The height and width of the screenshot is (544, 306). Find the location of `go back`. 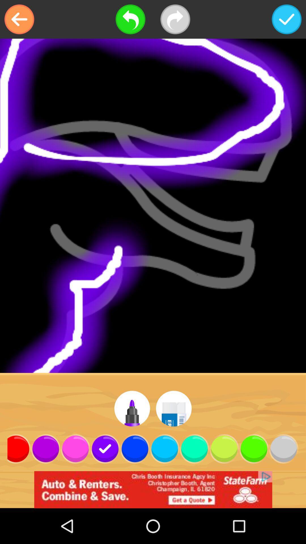

go back is located at coordinates (19, 19).